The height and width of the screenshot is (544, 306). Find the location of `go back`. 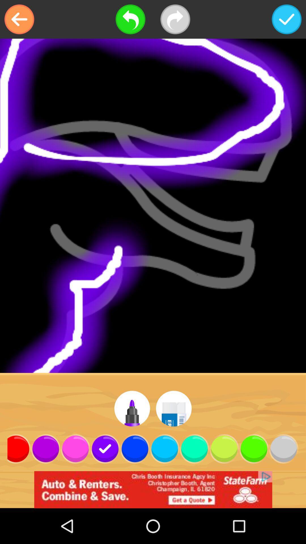

go back is located at coordinates (19, 19).